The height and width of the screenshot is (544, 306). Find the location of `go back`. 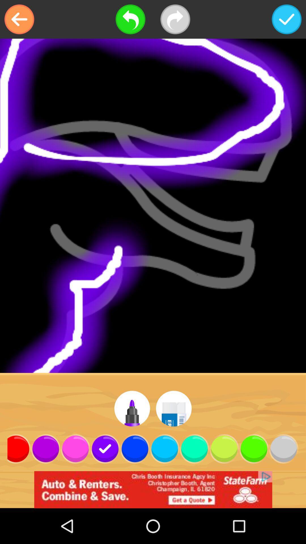

go back is located at coordinates (19, 19).